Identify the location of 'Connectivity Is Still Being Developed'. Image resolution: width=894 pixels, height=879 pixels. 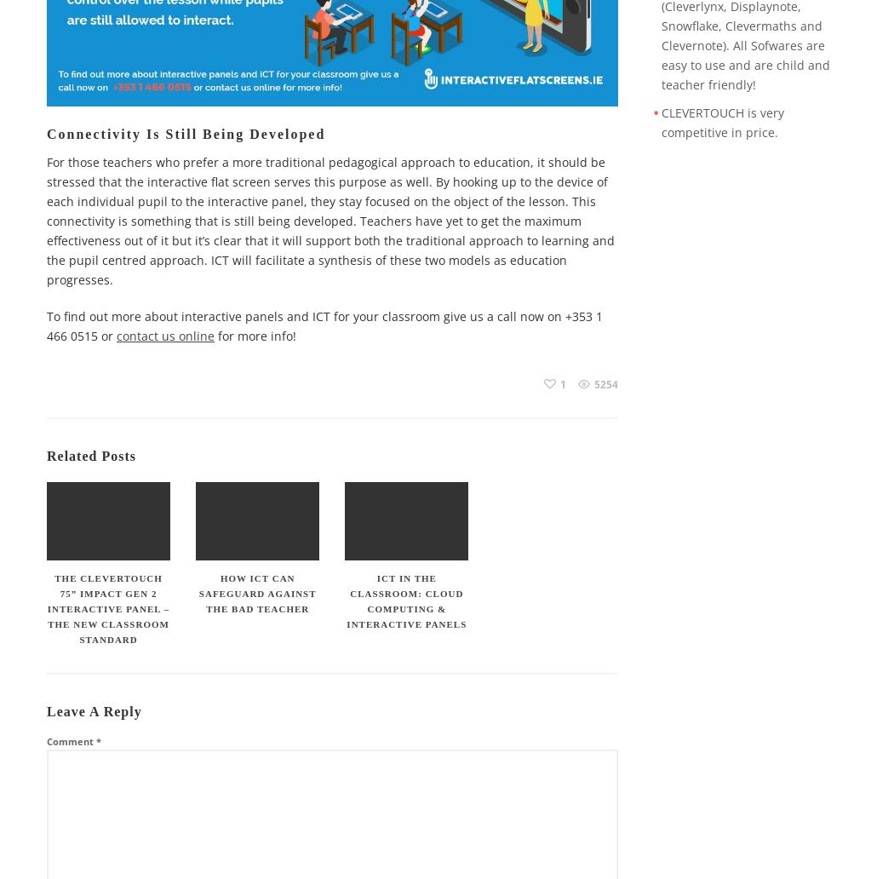
(185, 132).